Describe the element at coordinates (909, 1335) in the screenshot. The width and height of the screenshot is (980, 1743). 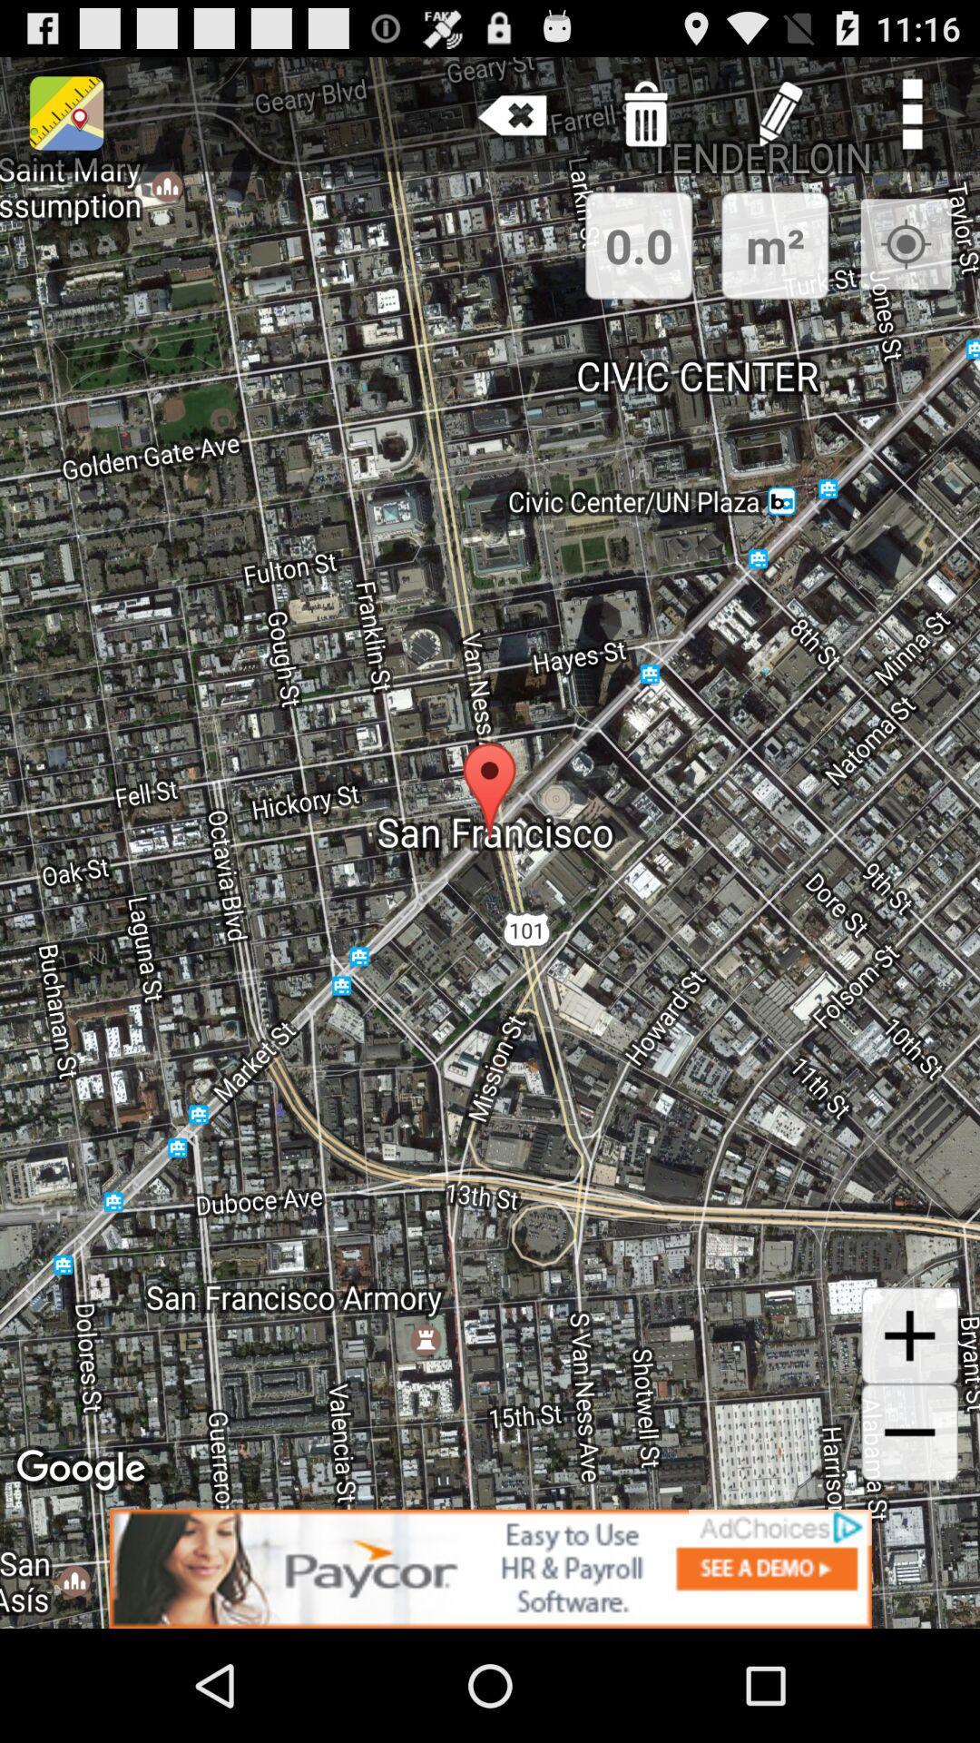
I see `zoom in` at that location.